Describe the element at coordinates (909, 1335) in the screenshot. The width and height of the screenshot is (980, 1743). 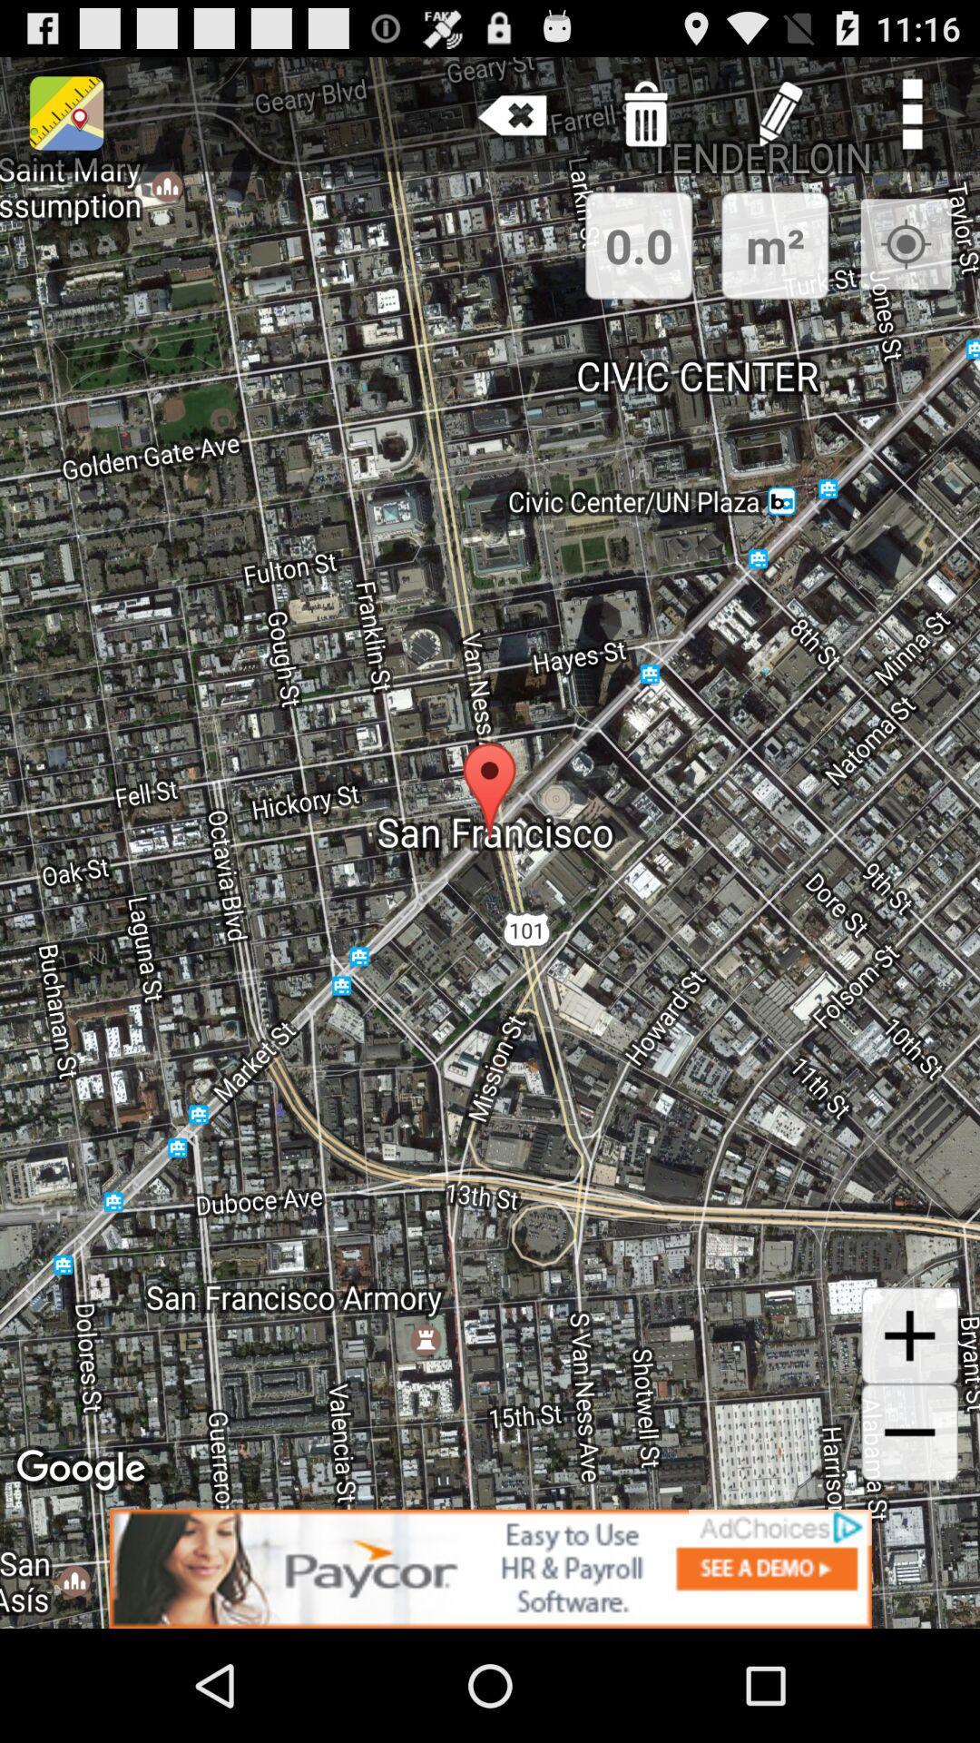
I see `zoom in` at that location.